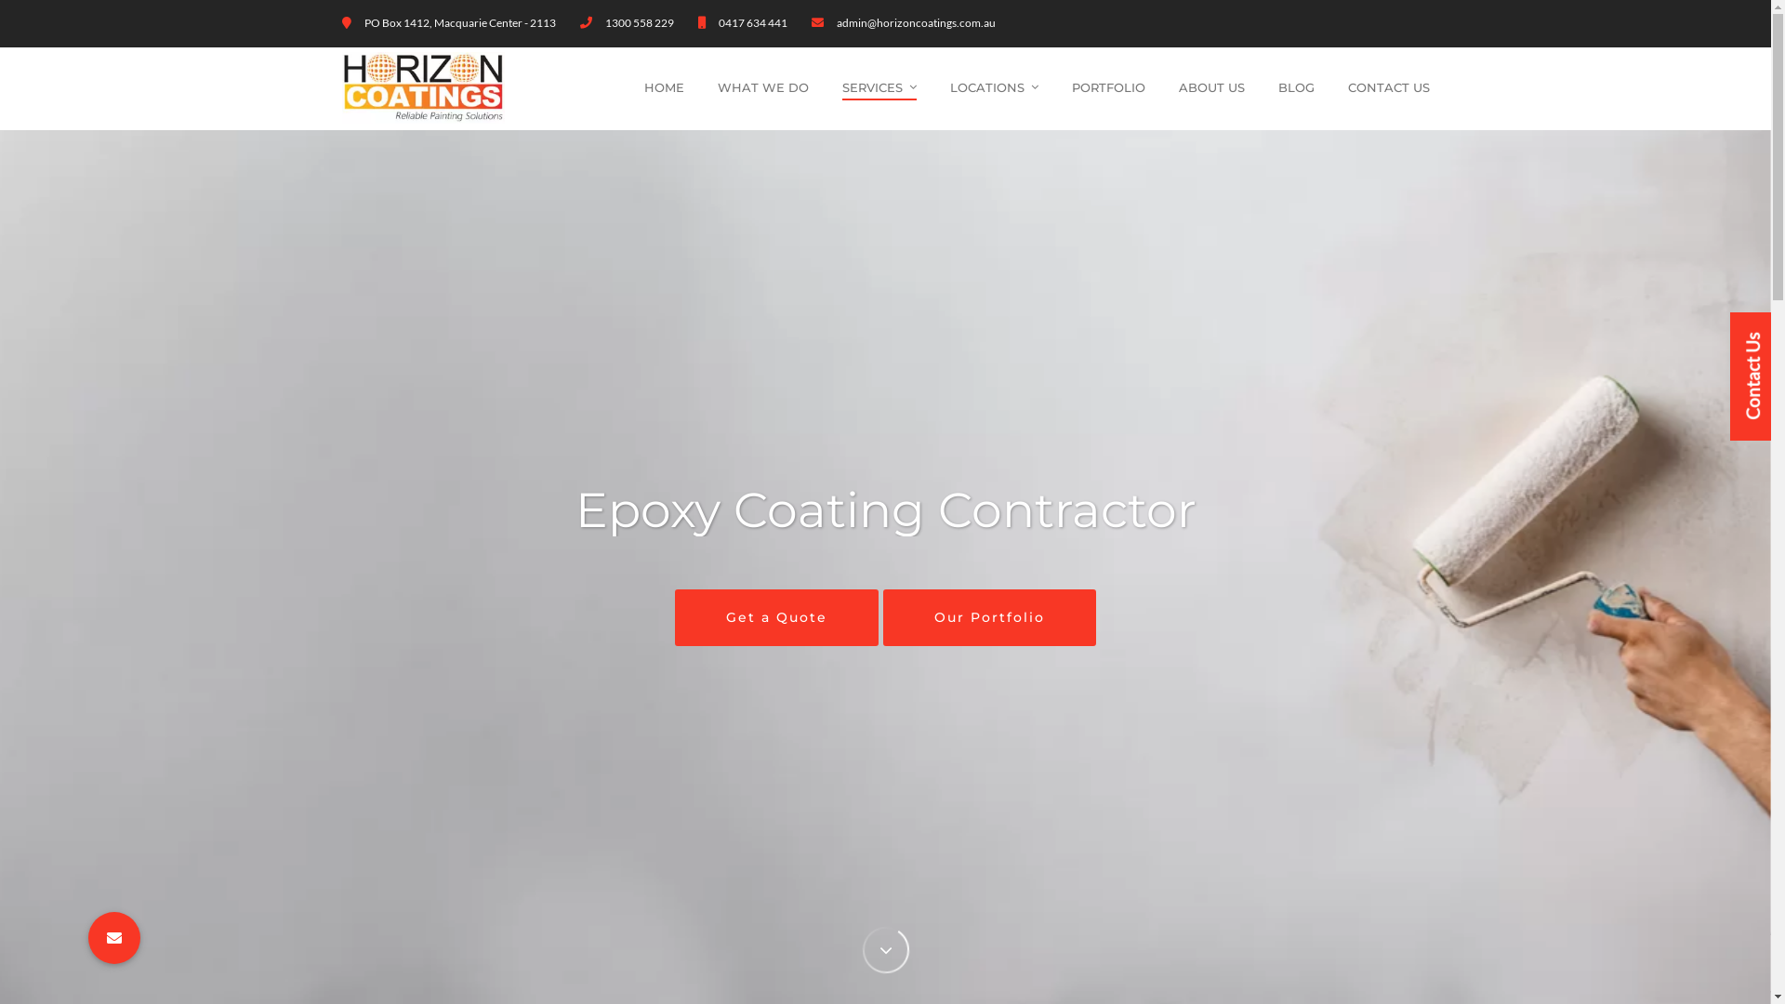  I want to click on 'CONTACT US', so click(1388, 86).